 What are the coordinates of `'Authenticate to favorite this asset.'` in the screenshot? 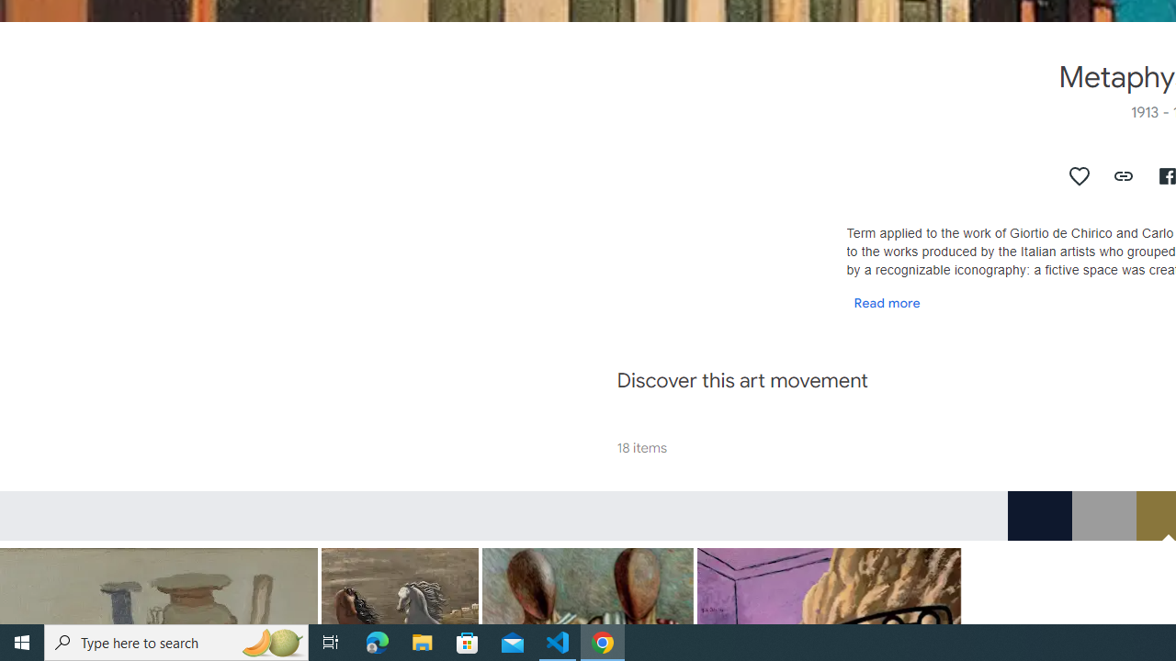 It's located at (1080, 175).